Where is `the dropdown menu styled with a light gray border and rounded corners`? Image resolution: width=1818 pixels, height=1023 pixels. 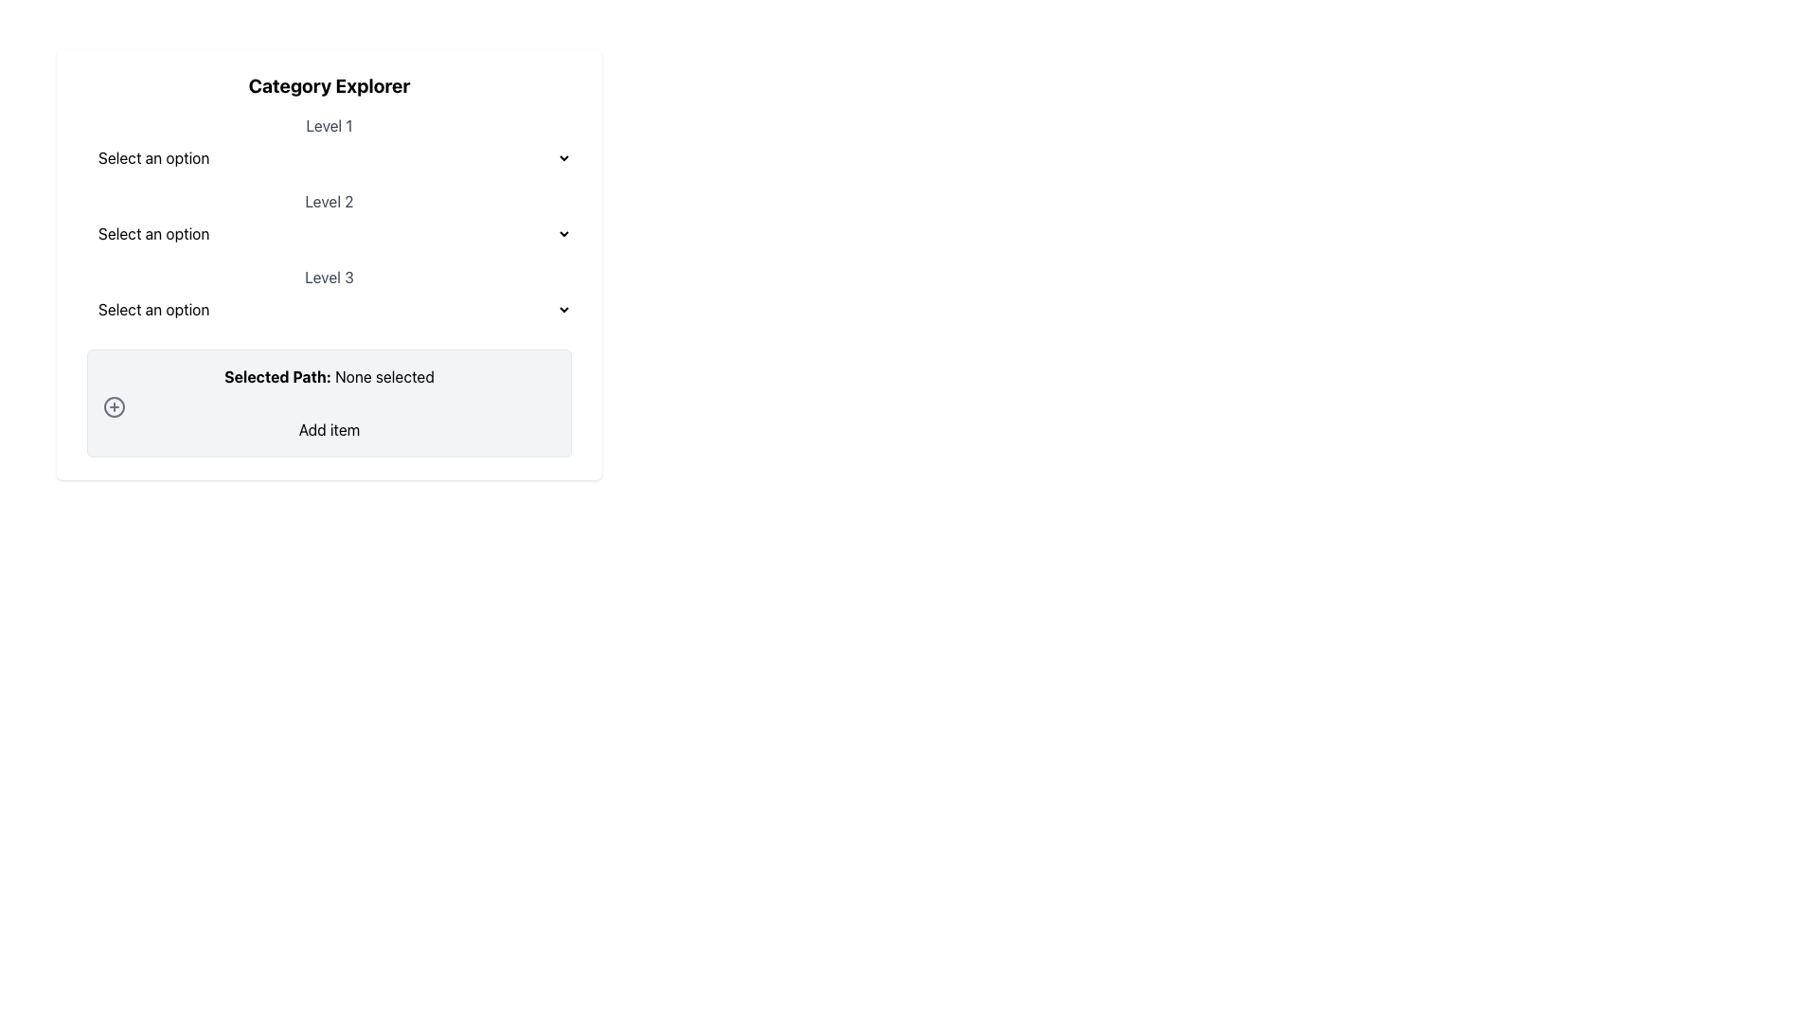 the dropdown menu styled with a light gray border and rounded corners is located at coordinates (329, 309).